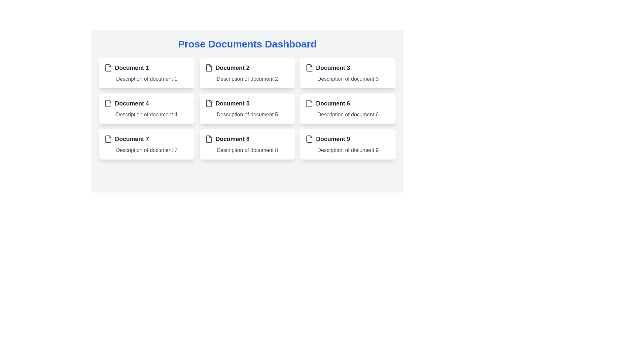 The image size is (634, 356). Describe the element at coordinates (247, 78) in the screenshot. I see `the text label providing contextual information for 'Document 2', which is located beneath the main title in the second box of the grid layout` at that location.